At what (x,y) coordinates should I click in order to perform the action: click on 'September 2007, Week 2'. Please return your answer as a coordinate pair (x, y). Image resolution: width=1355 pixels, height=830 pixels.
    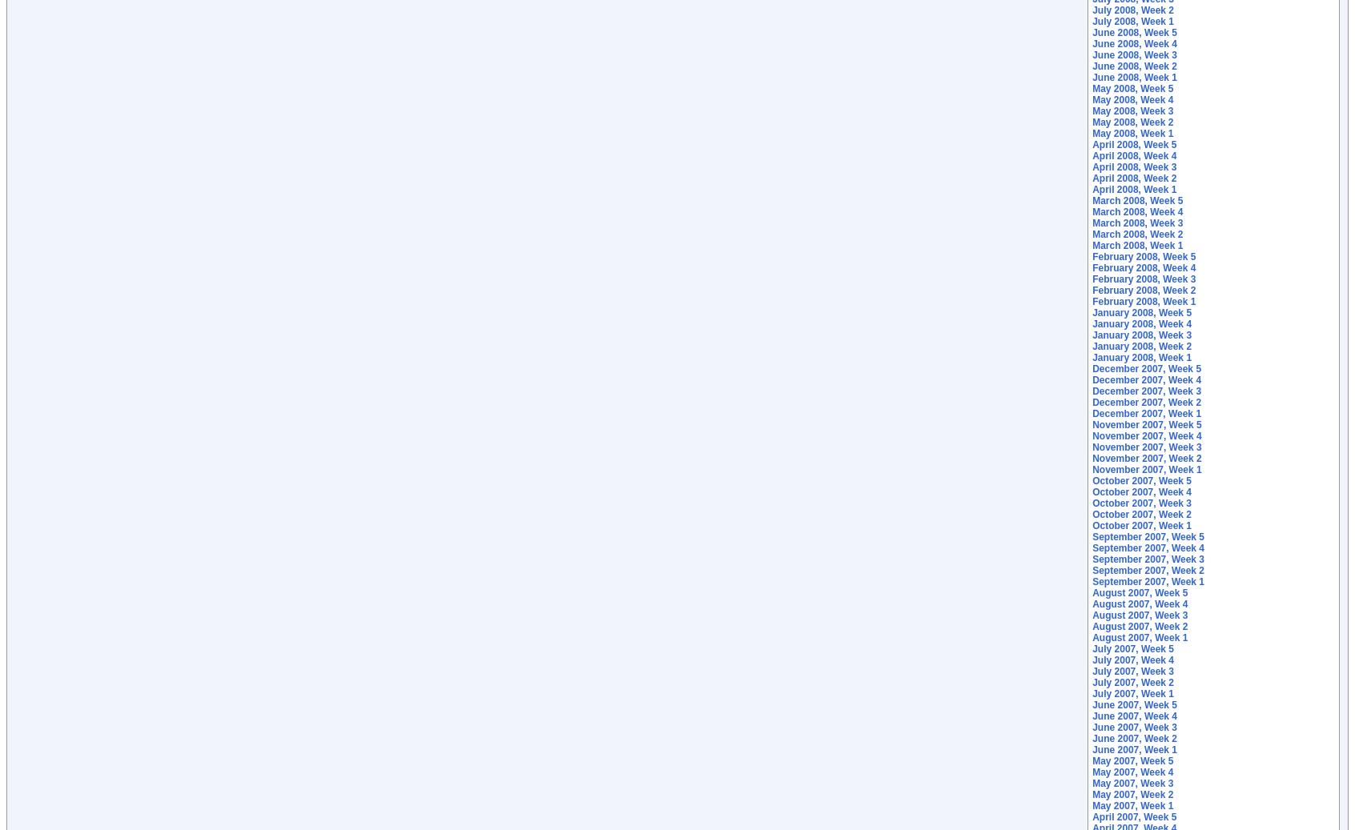
    Looking at the image, I should click on (1147, 571).